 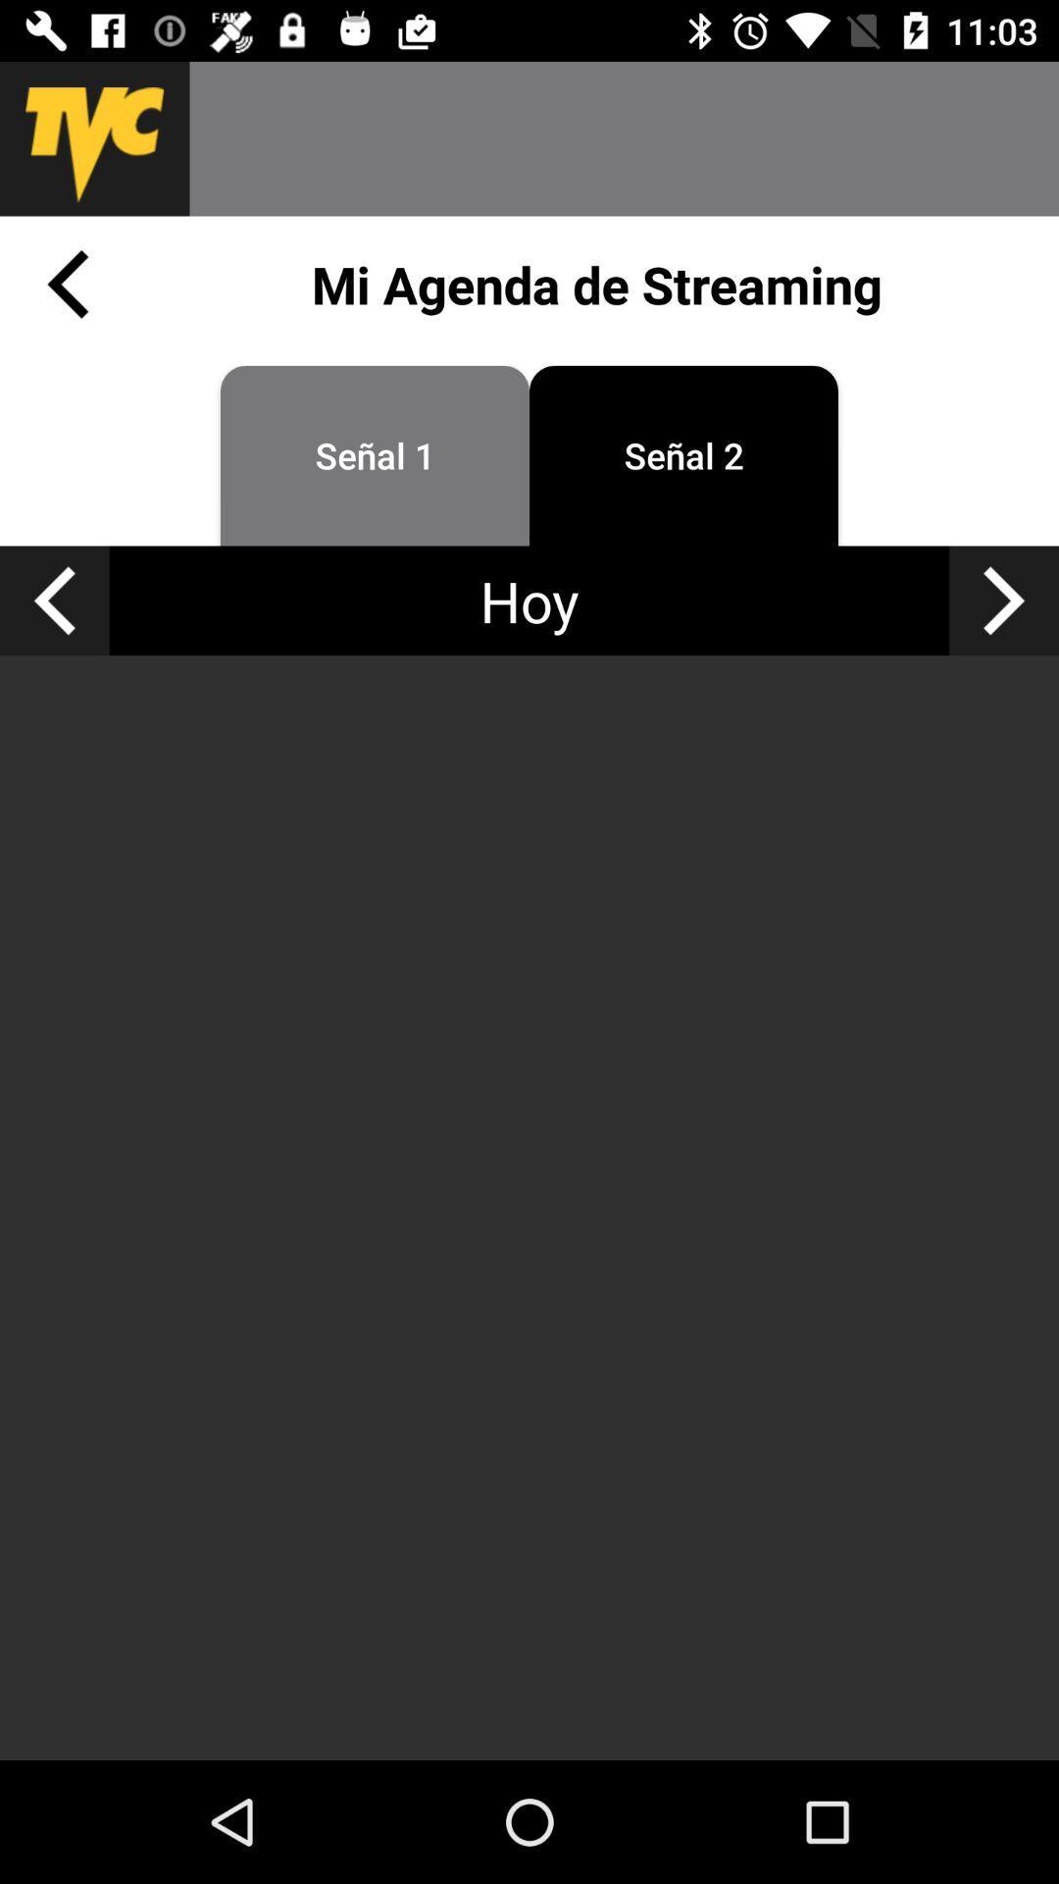 What do you see at coordinates (682, 454) in the screenshot?
I see `item above the hoy app` at bounding box center [682, 454].